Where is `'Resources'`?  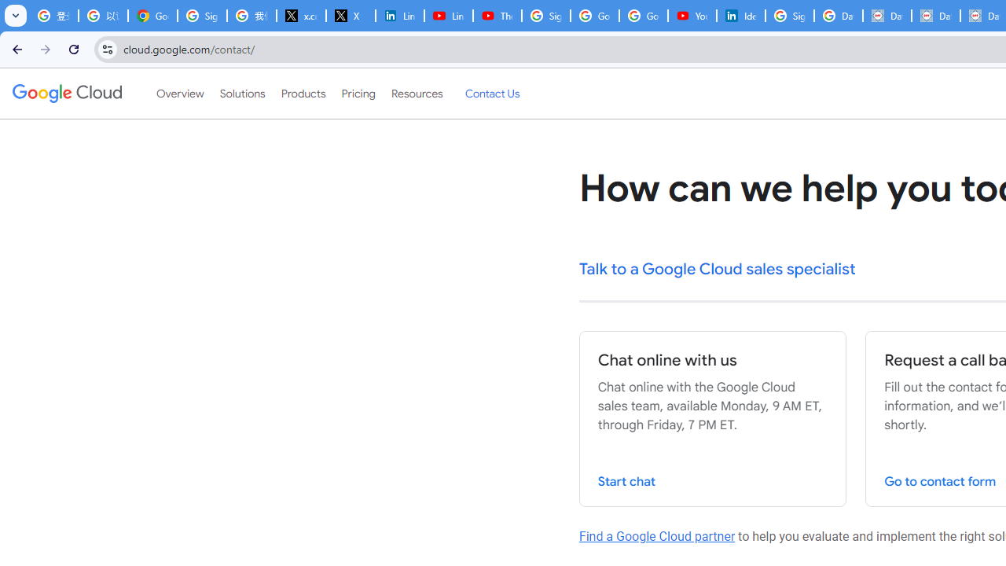
'Resources' is located at coordinates (417, 94).